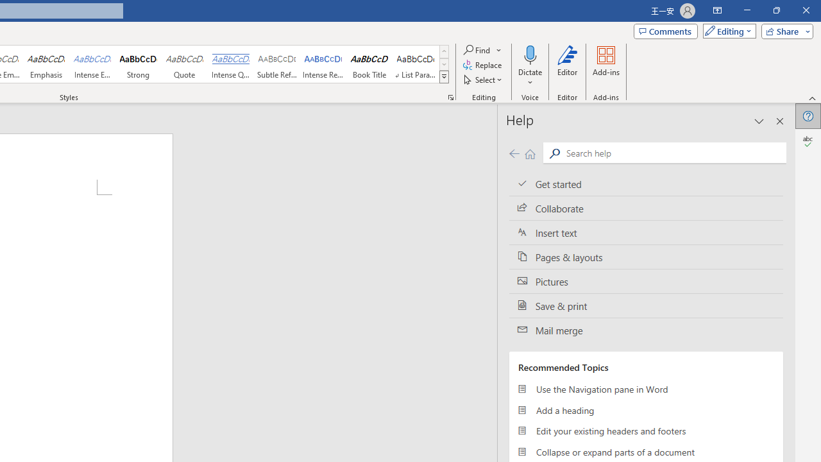  I want to click on 'Row up', so click(444, 51).